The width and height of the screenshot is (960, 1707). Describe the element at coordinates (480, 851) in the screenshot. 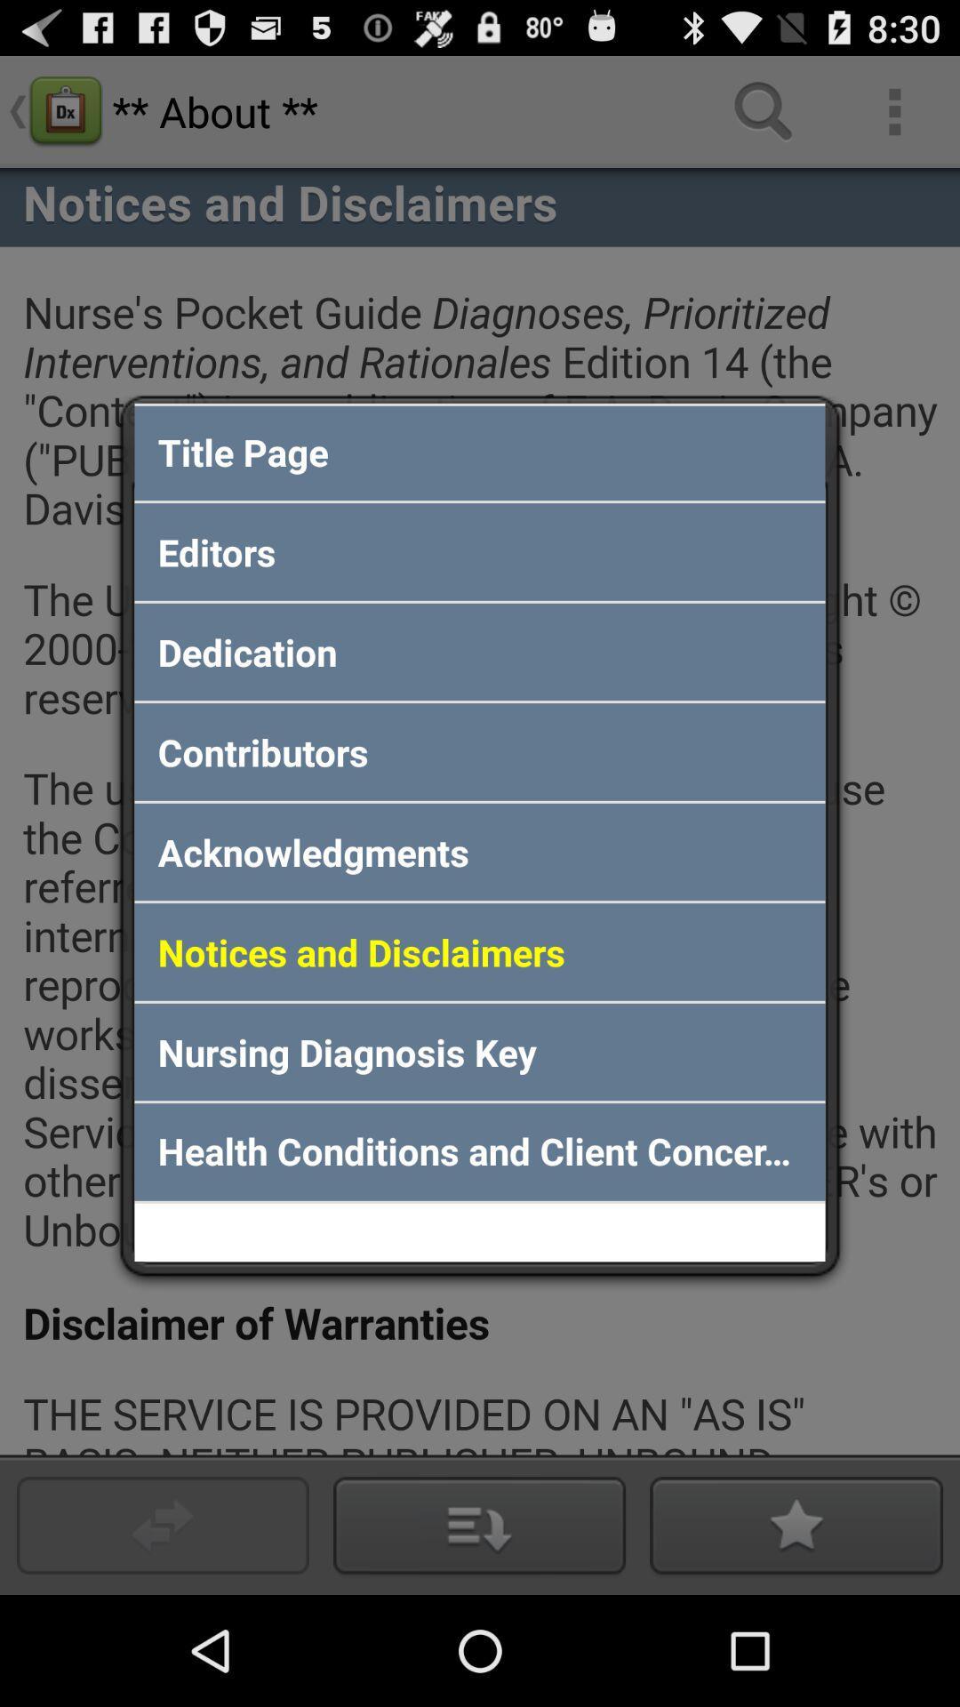

I see `the item below contributors icon` at that location.